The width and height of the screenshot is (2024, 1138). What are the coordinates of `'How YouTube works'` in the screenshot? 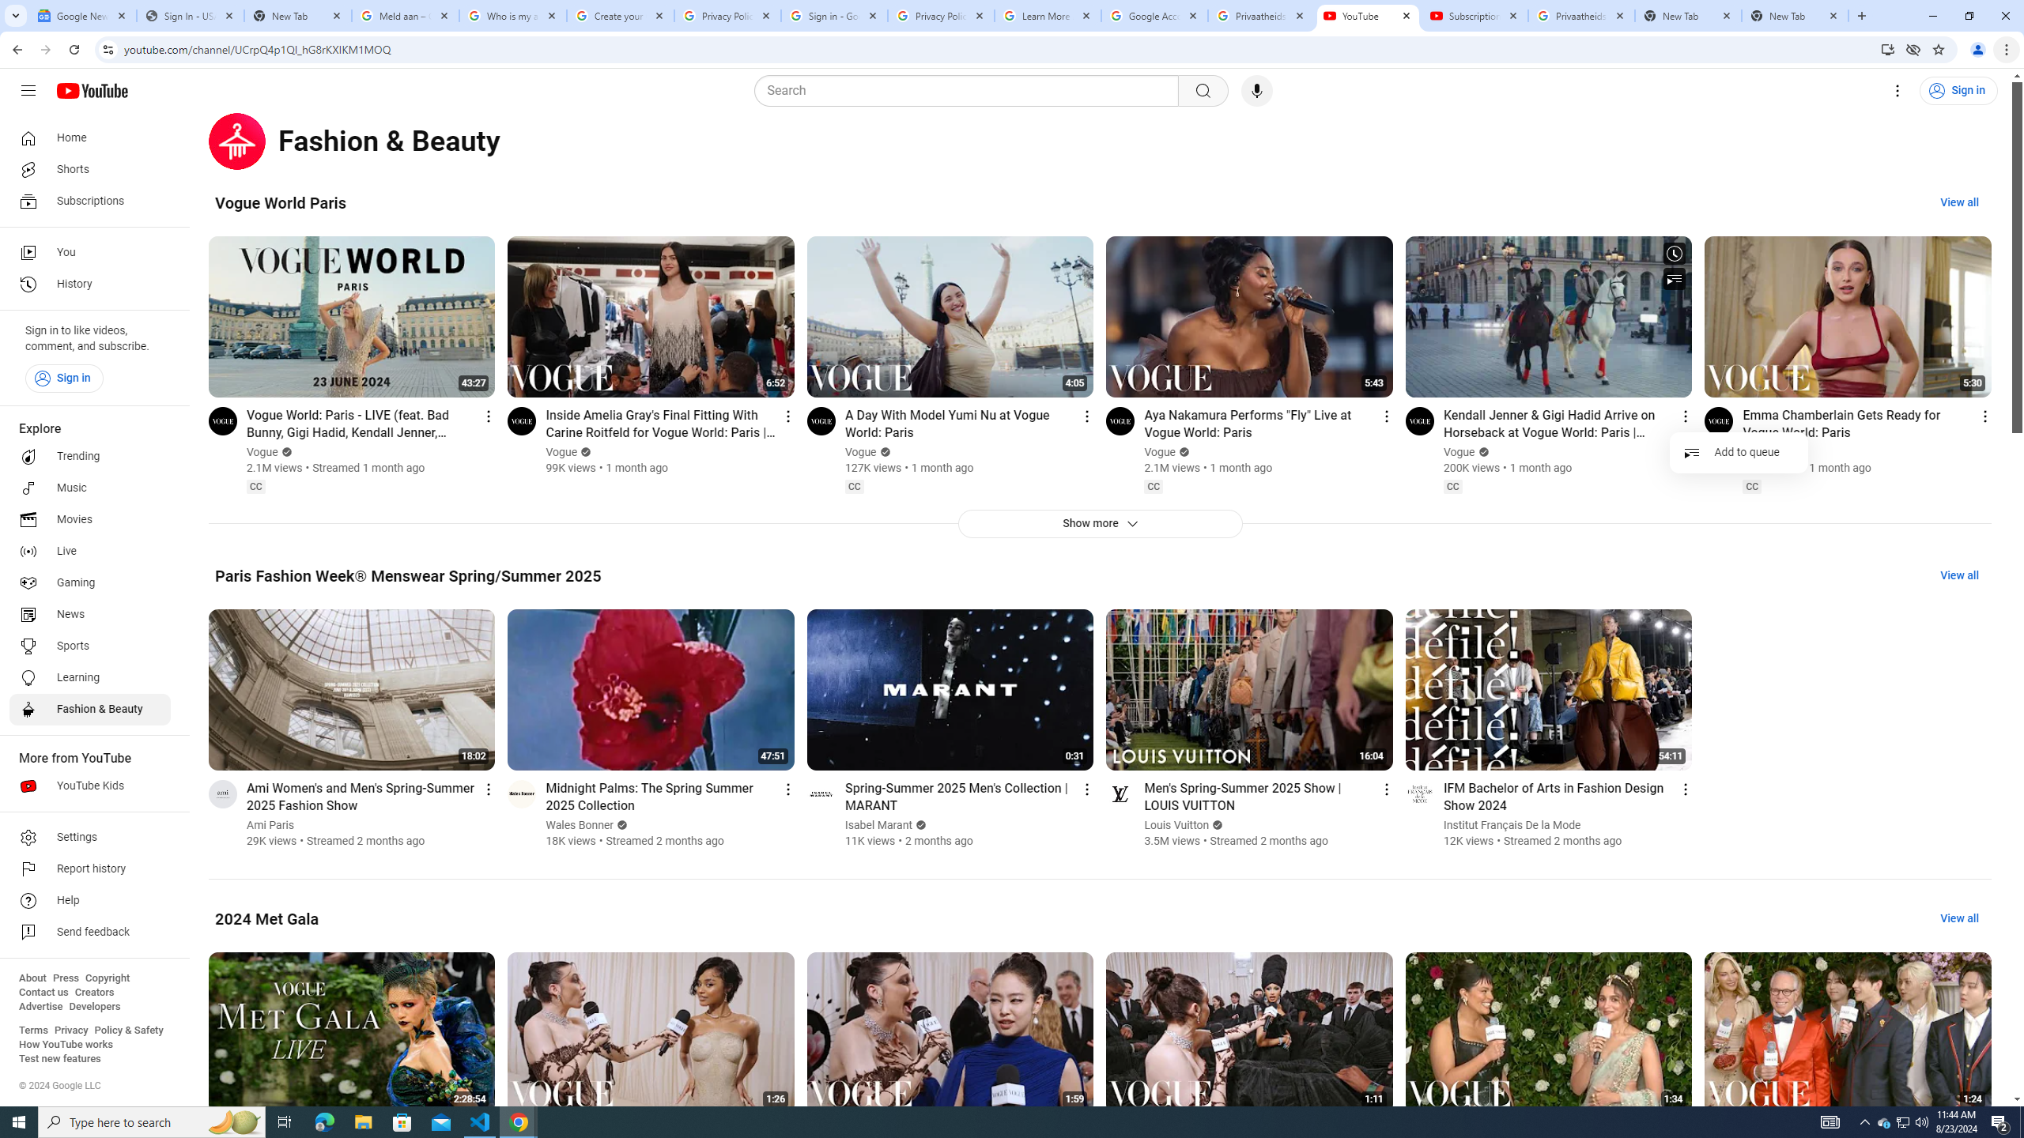 It's located at (65, 1044).